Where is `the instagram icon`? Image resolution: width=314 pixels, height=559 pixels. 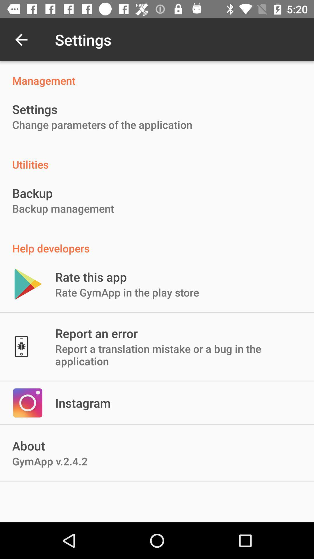
the instagram icon is located at coordinates (83, 402).